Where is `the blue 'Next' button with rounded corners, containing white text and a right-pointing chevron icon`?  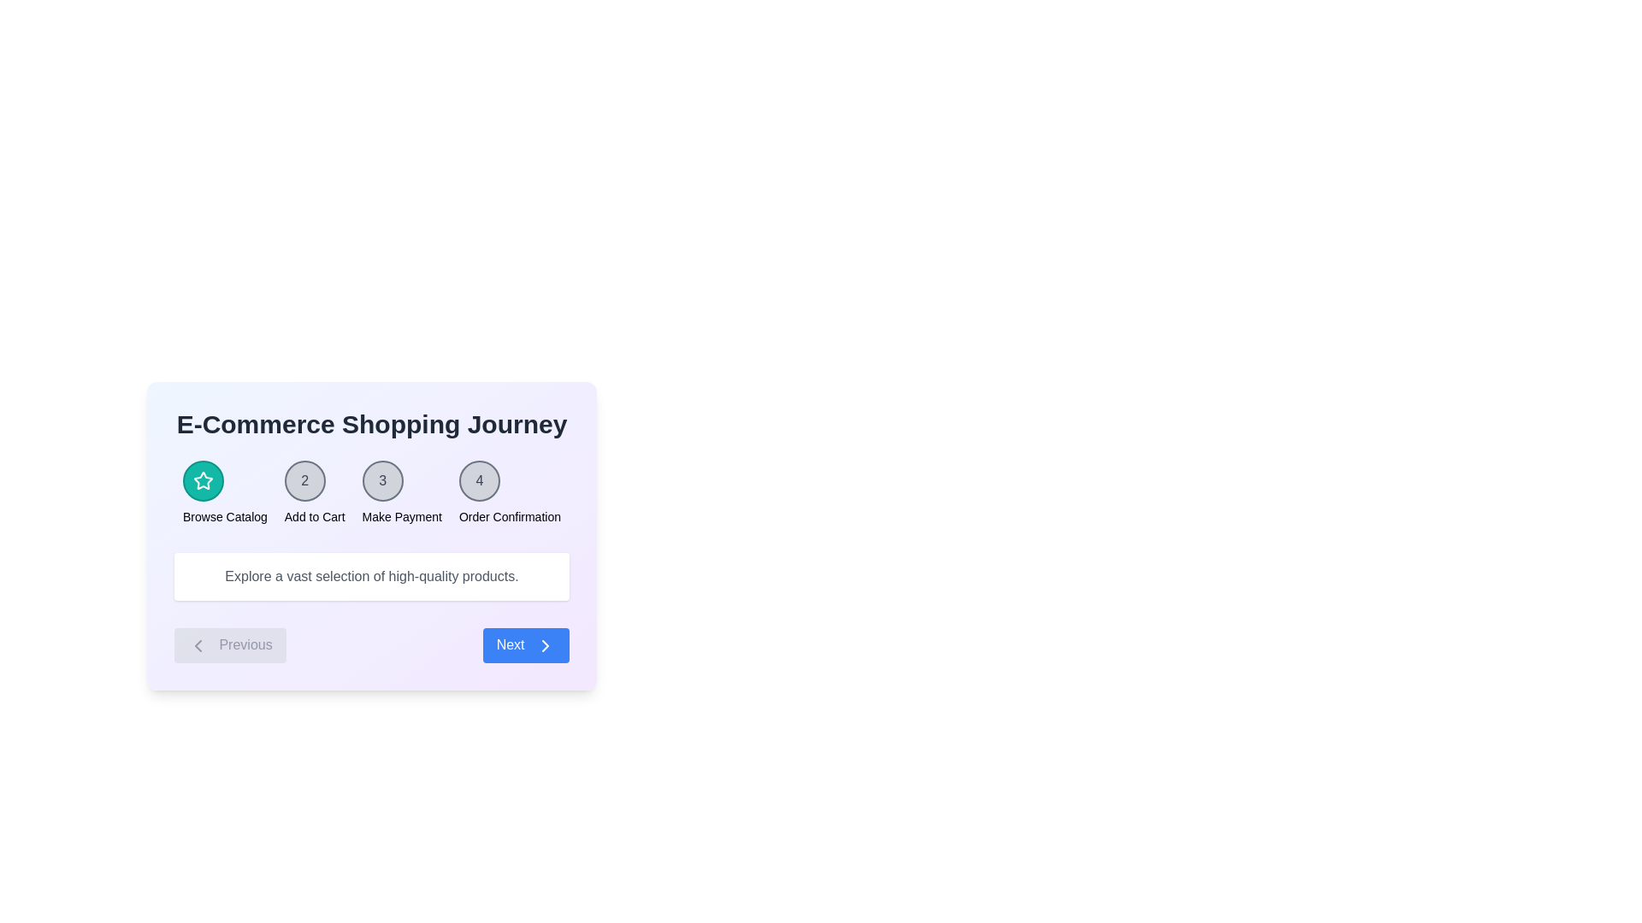
the blue 'Next' button with rounded corners, containing white text and a right-pointing chevron icon is located at coordinates (525, 645).